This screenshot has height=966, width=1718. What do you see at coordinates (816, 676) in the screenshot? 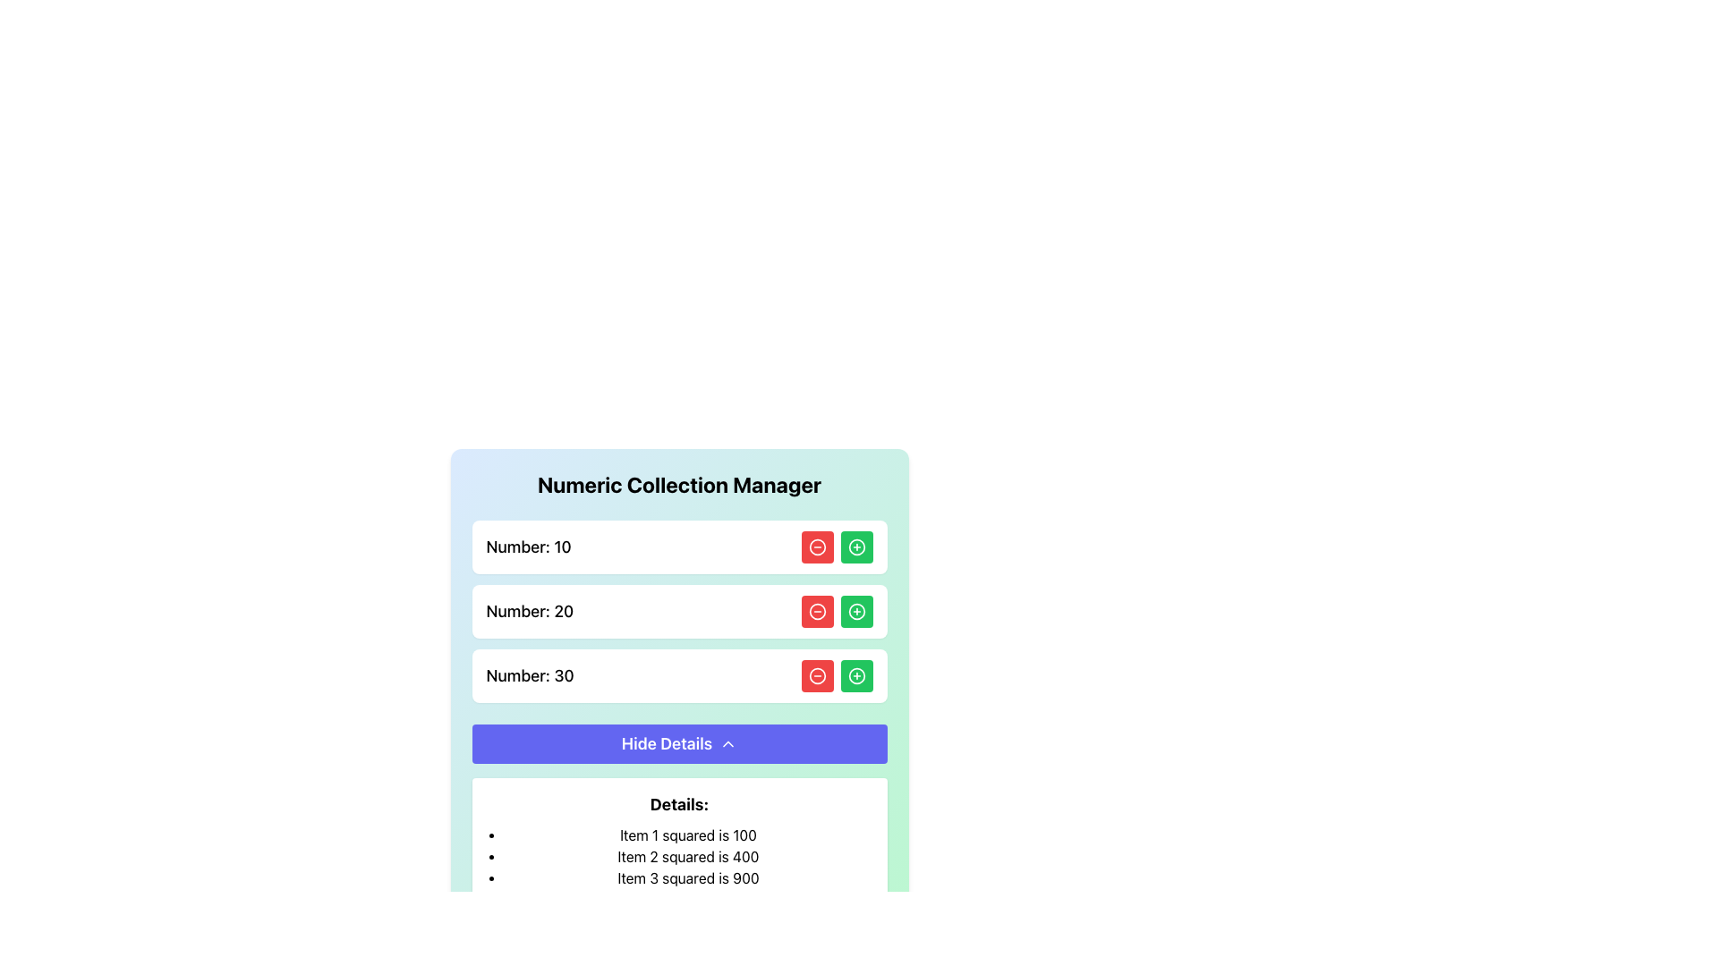
I see `the first button in the pair at the right end of the row displaying 'Number: 30' to decrement the number or remove the respective item from the list` at bounding box center [816, 676].